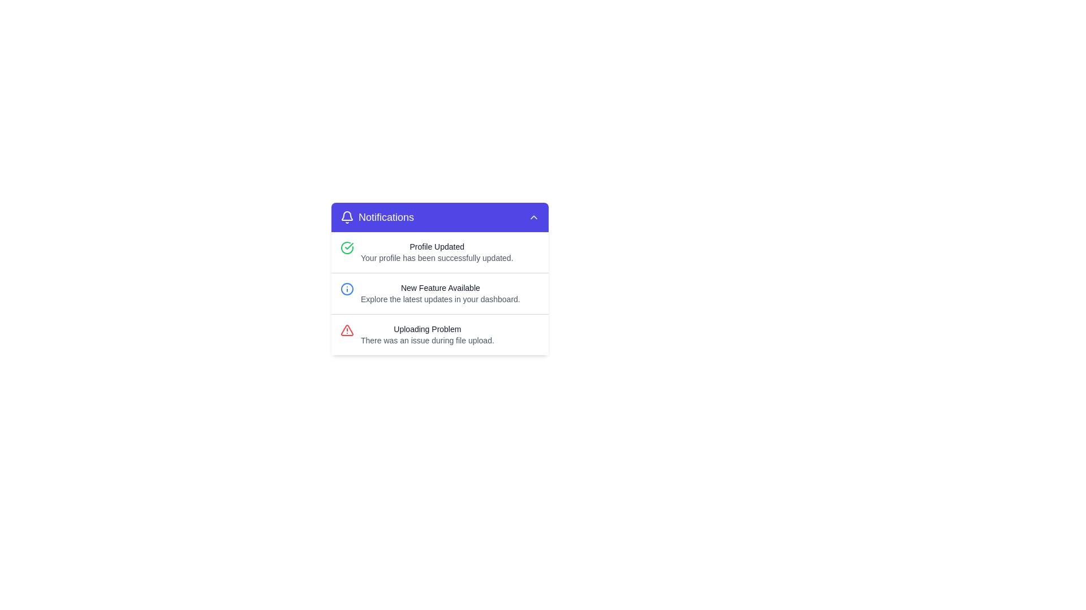 Image resolution: width=1086 pixels, height=610 pixels. I want to click on the Text Label that serves as the header for the last notification entry in the bottom section of the notification card, so click(426, 329).